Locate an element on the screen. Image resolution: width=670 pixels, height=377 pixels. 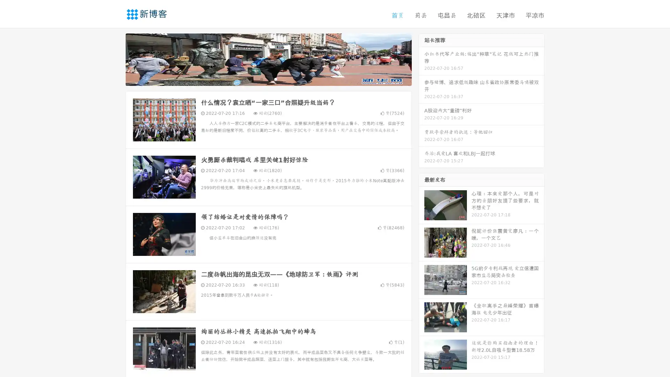
Go to slide 3 is located at coordinates (275, 79).